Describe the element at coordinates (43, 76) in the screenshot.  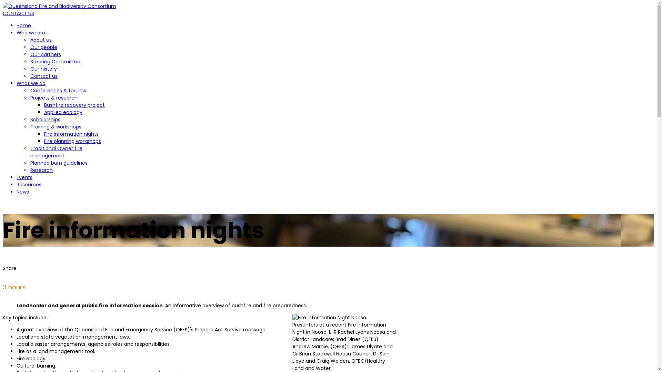
I see `'Contact us'` at that location.